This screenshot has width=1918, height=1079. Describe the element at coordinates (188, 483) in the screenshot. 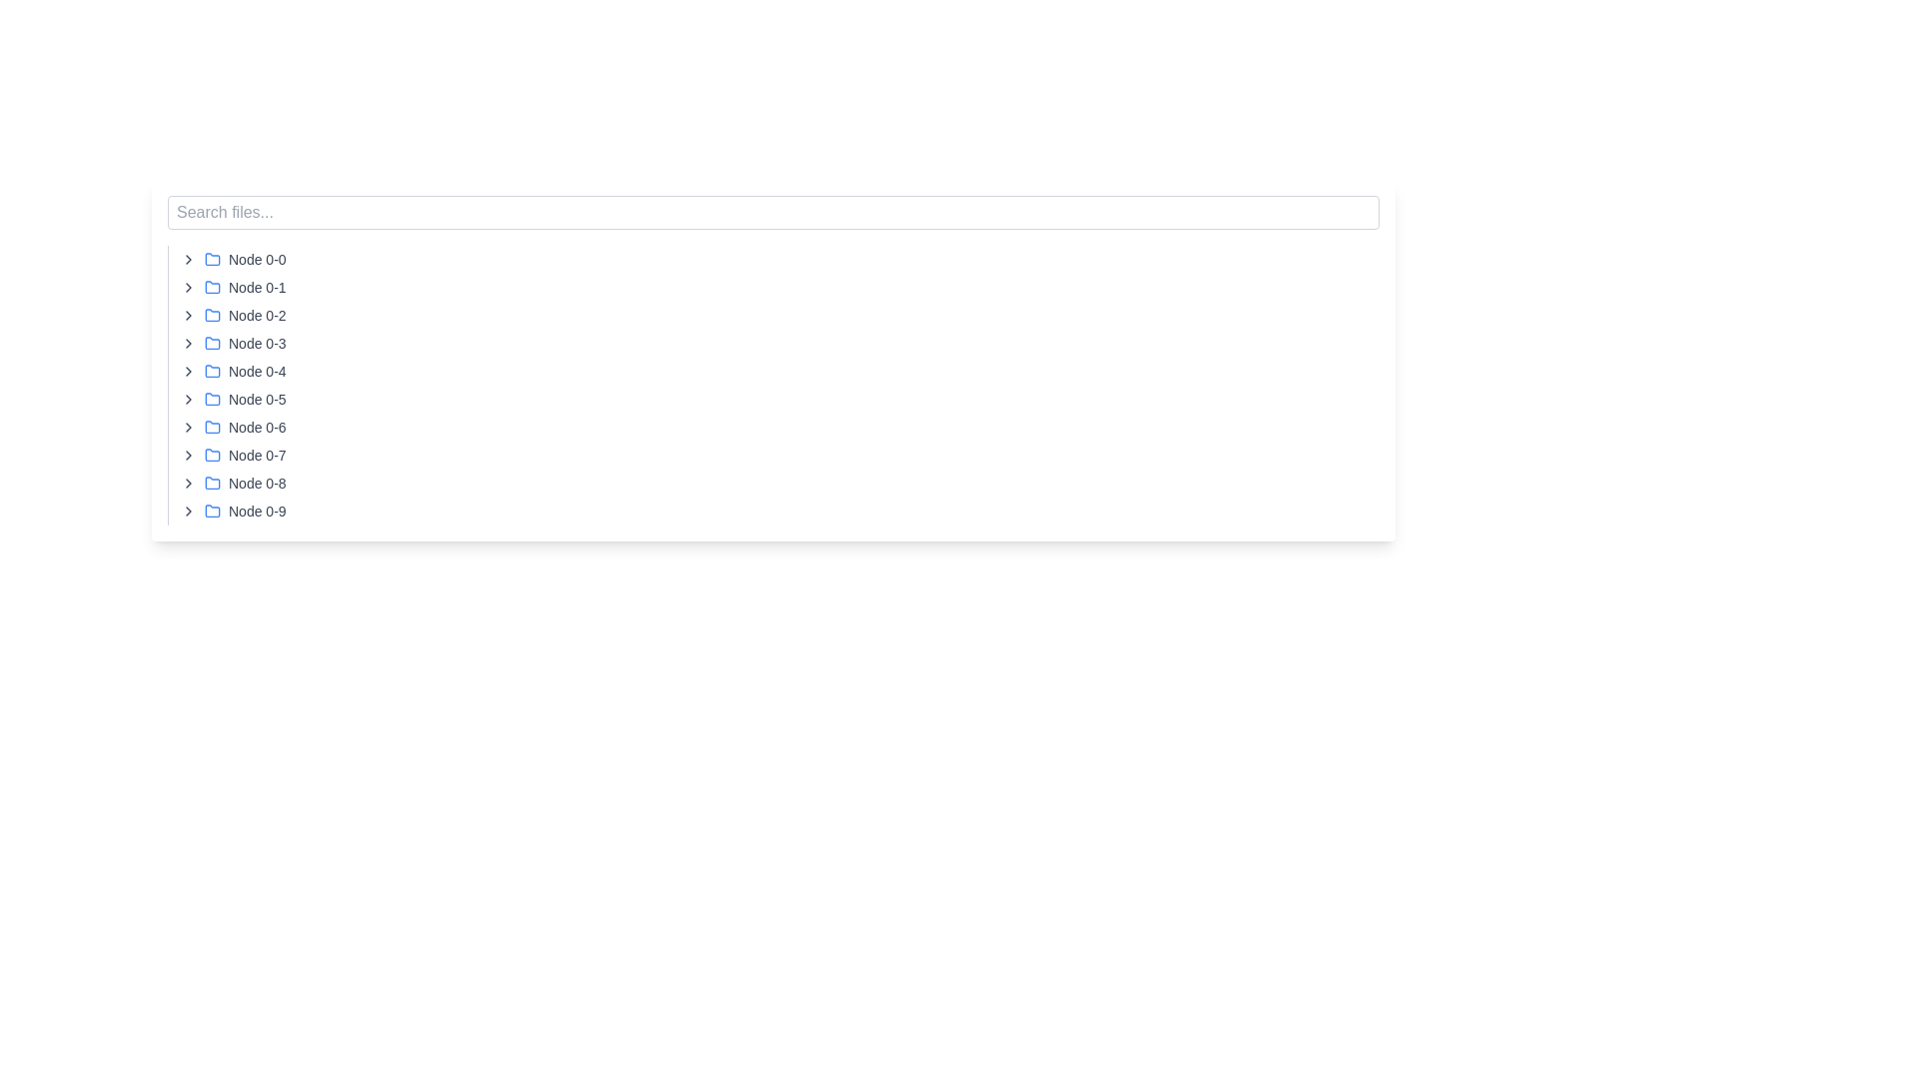

I see `the right-pointing chevron icon` at that location.